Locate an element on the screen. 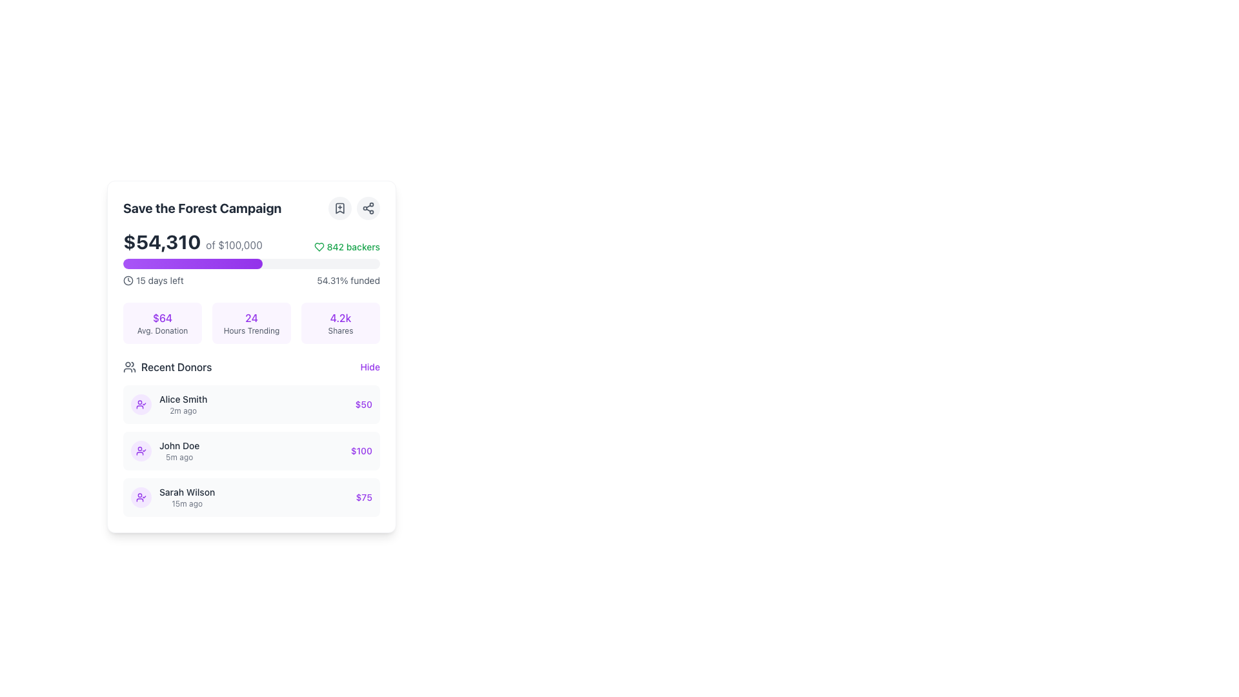 The height and width of the screenshot is (697, 1239). text label displaying '15 days left', which is styled in bold and is prominently placed next to a clock icon is located at coordinates (159, 280).